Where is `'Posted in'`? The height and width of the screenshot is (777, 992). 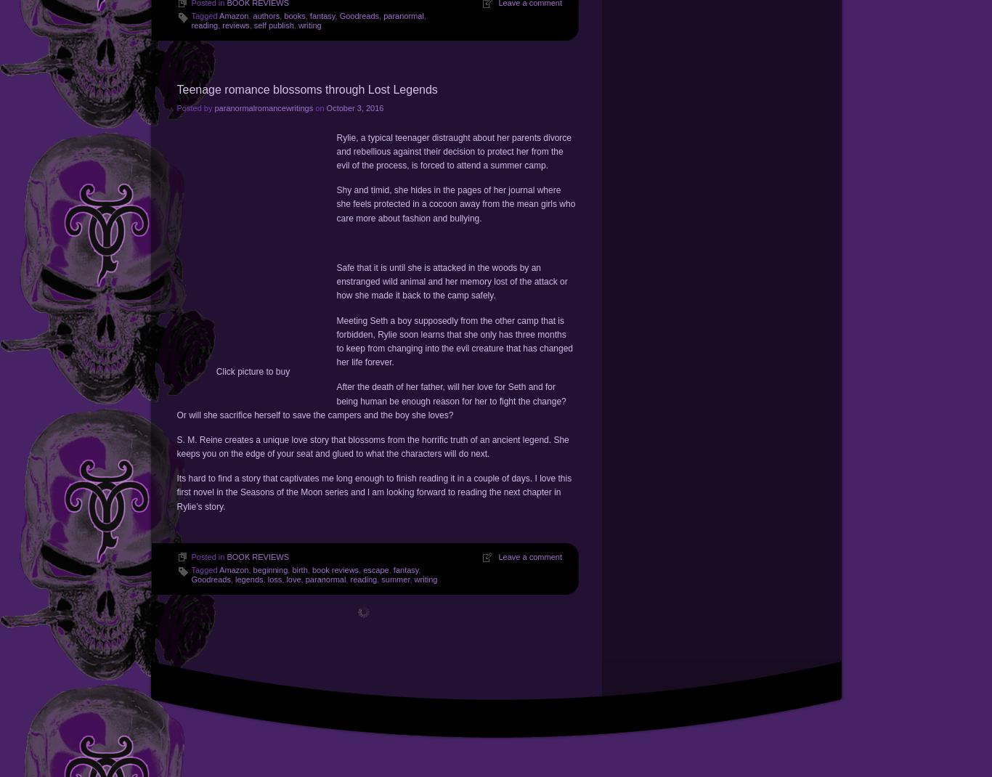
'Posted in' is located at coordinates (208, 556).